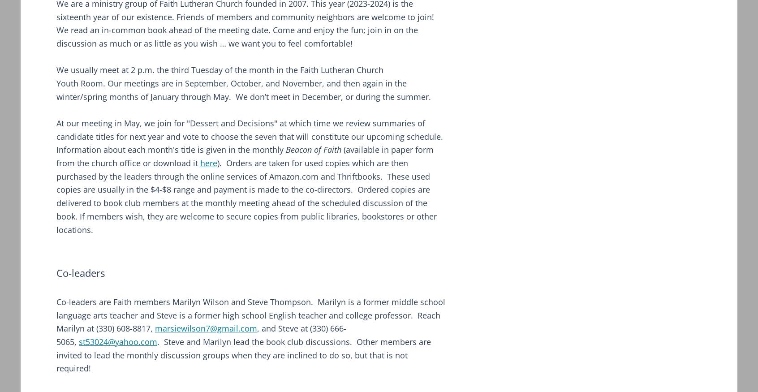 This screenshot has width=758, height=392. I want to click on 'here', so click(200, 163).